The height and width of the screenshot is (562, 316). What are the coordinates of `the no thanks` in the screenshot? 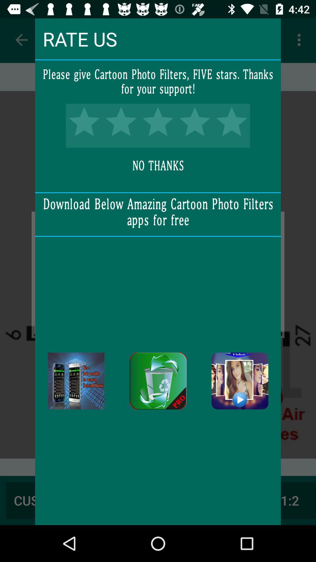 It's located at (158, 166).